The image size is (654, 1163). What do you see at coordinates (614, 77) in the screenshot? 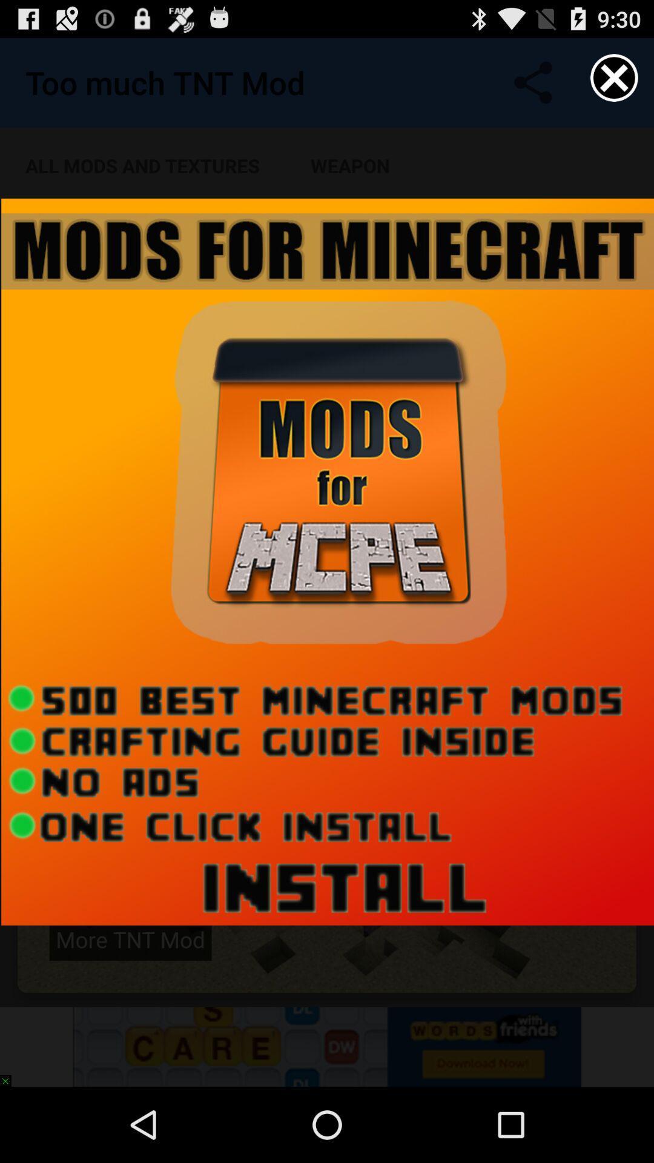
I see `the icon at the top right corner` at bounding box center [614, 77].